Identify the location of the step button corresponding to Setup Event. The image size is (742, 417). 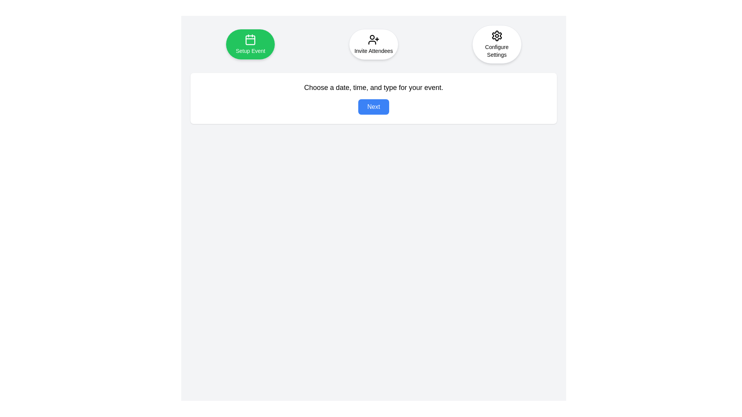
(250, 44).